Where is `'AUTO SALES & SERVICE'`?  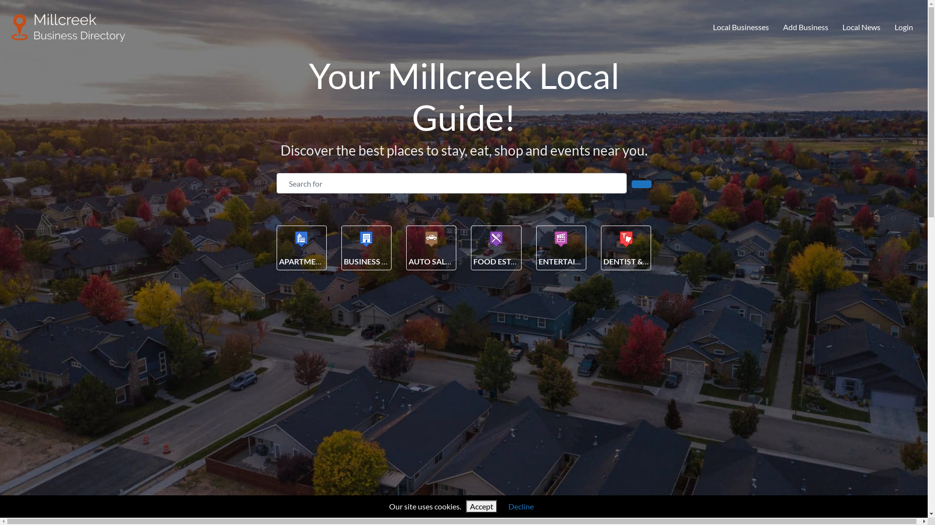
'AUTO SALES & SERVICE' is located at coordinates (450, 261).